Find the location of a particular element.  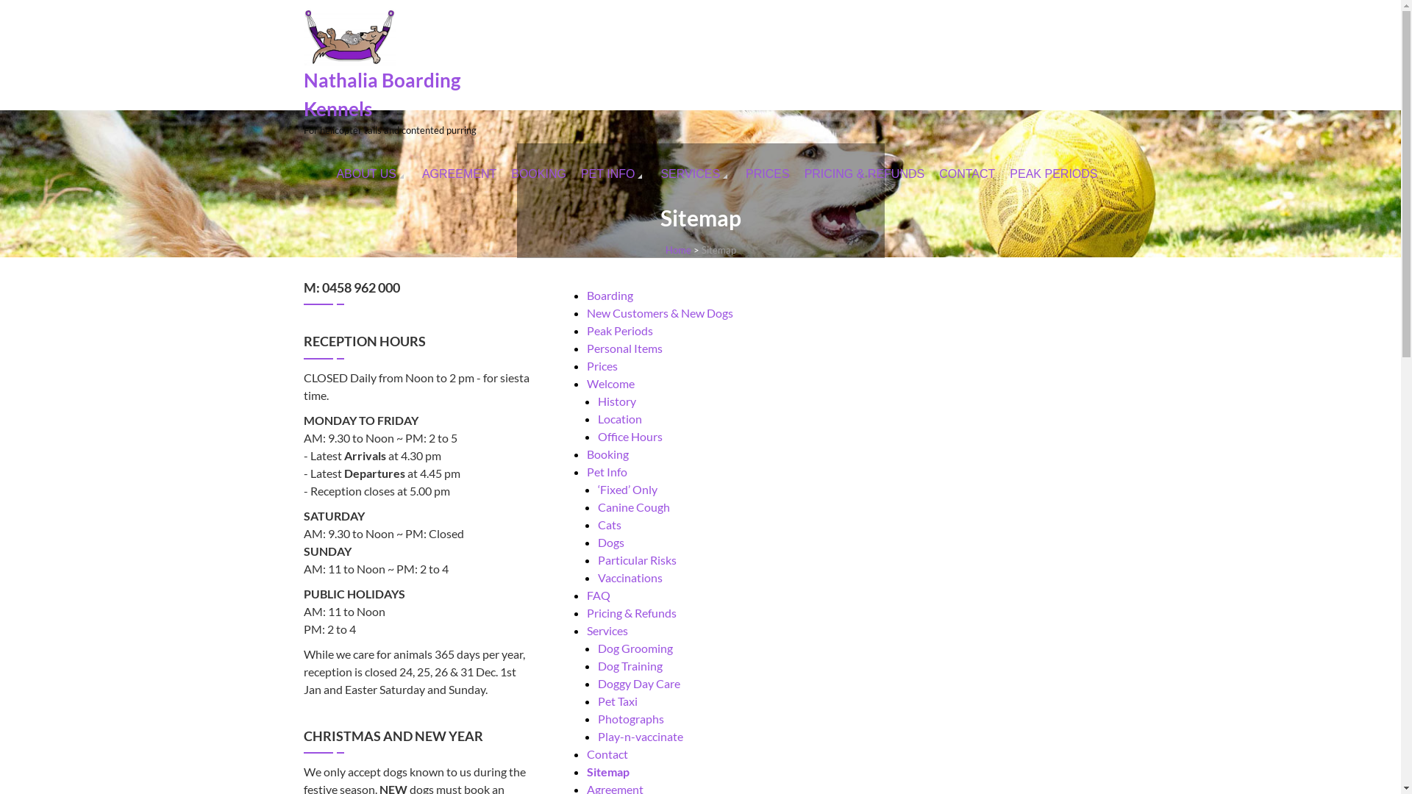

'Particular Risks' is located at coordinates (637, 559).